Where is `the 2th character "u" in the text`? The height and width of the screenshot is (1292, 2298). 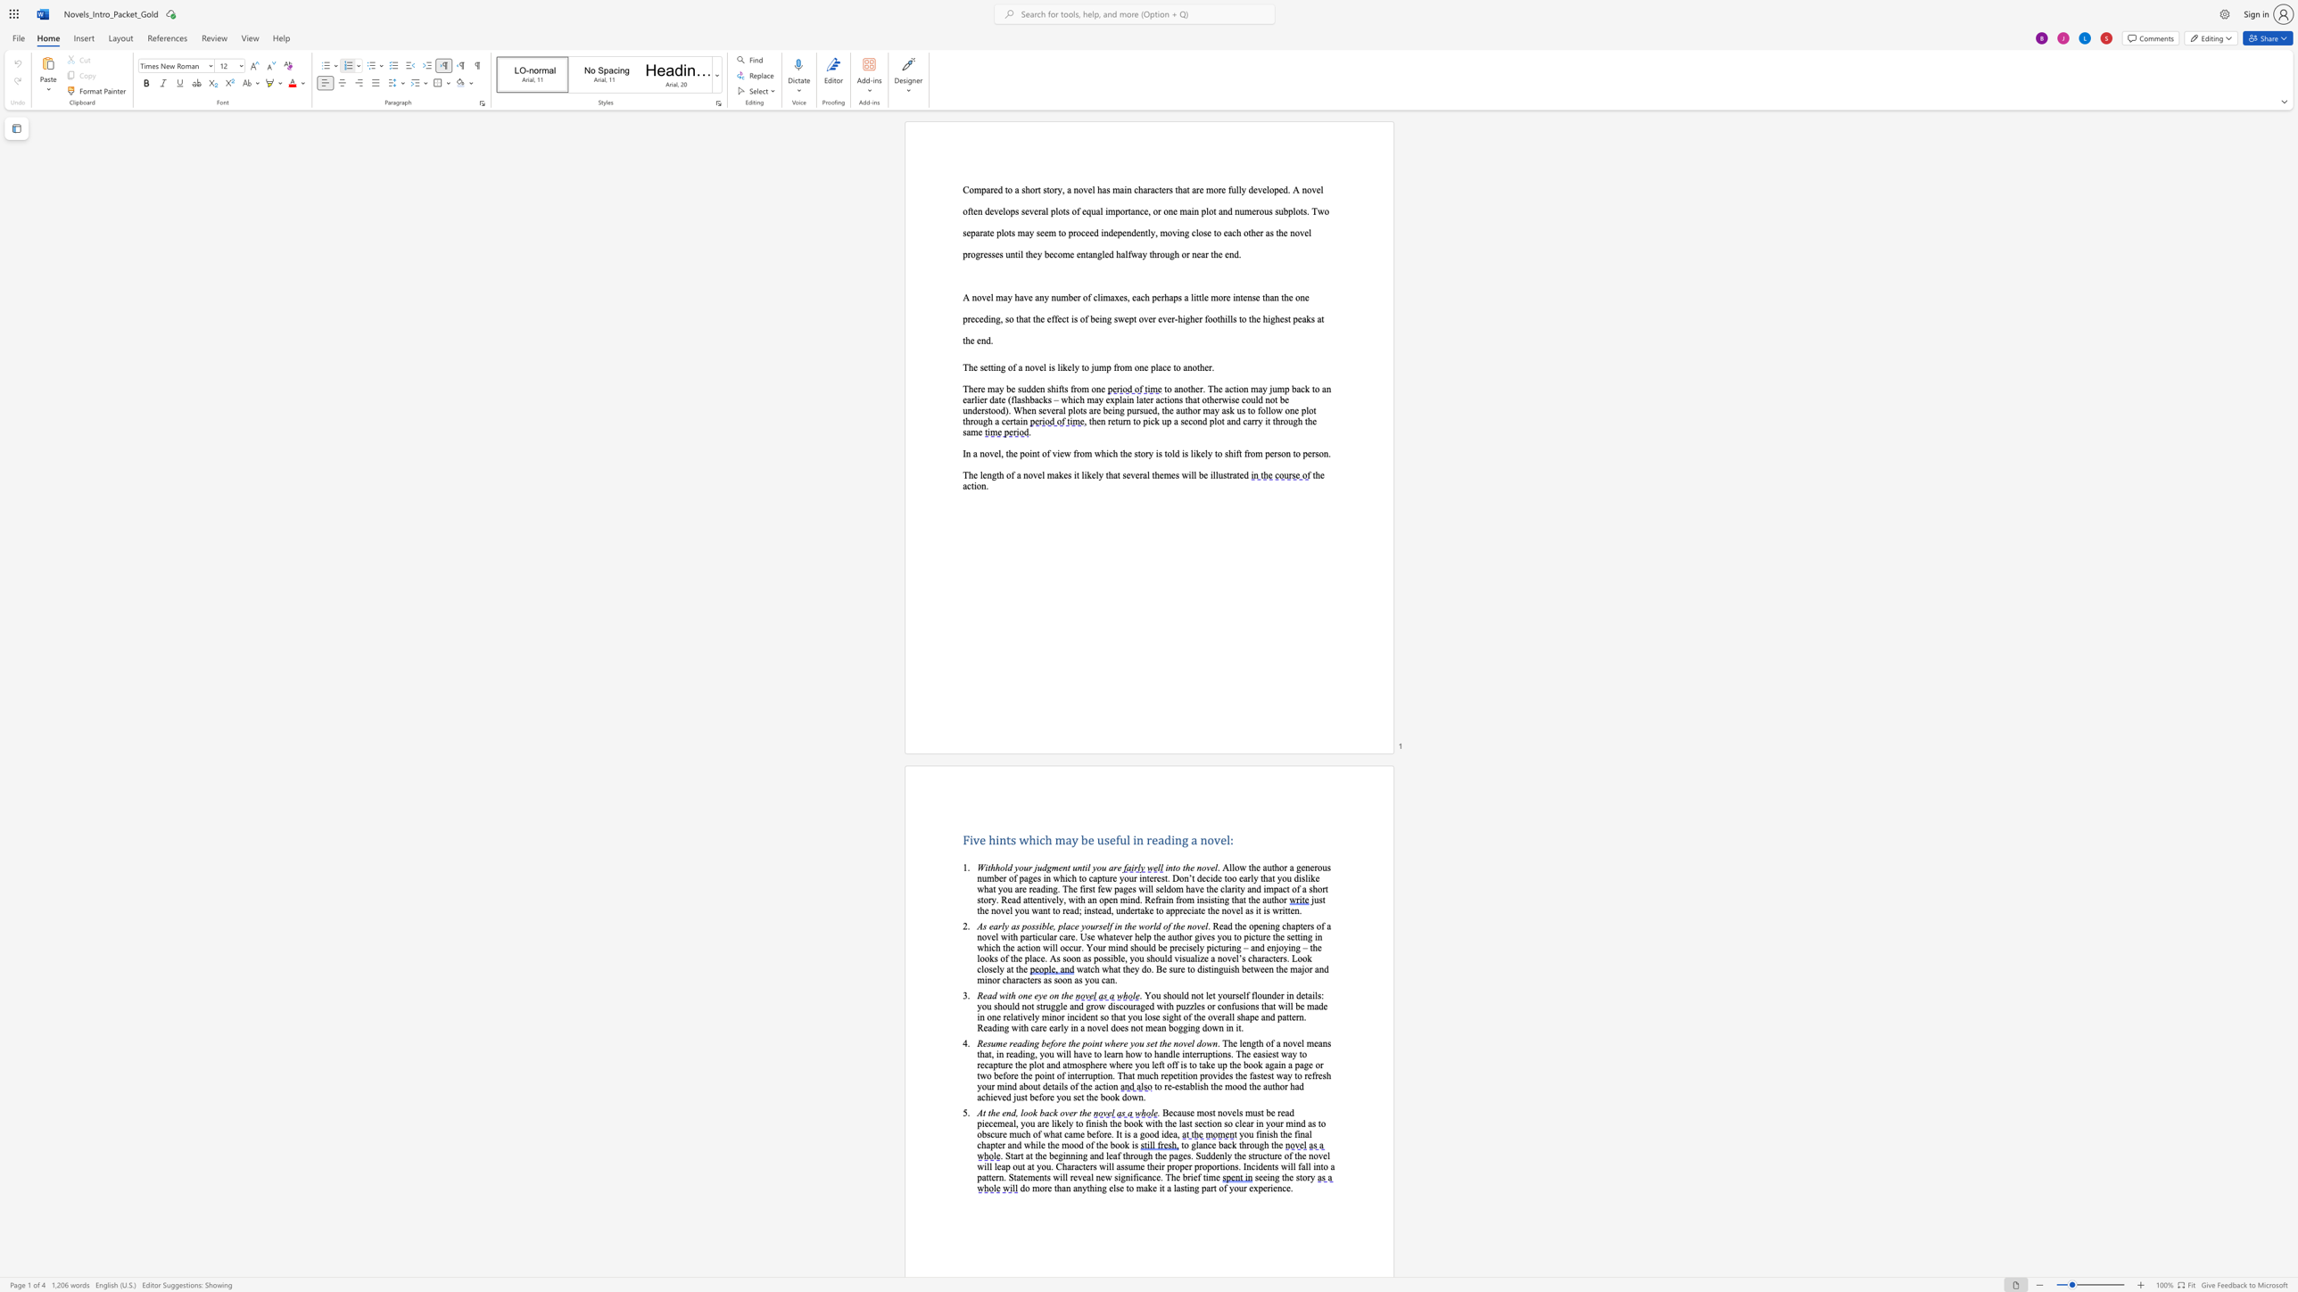 the 2th character "u" in the text is located at coordinates (1035, 1086).